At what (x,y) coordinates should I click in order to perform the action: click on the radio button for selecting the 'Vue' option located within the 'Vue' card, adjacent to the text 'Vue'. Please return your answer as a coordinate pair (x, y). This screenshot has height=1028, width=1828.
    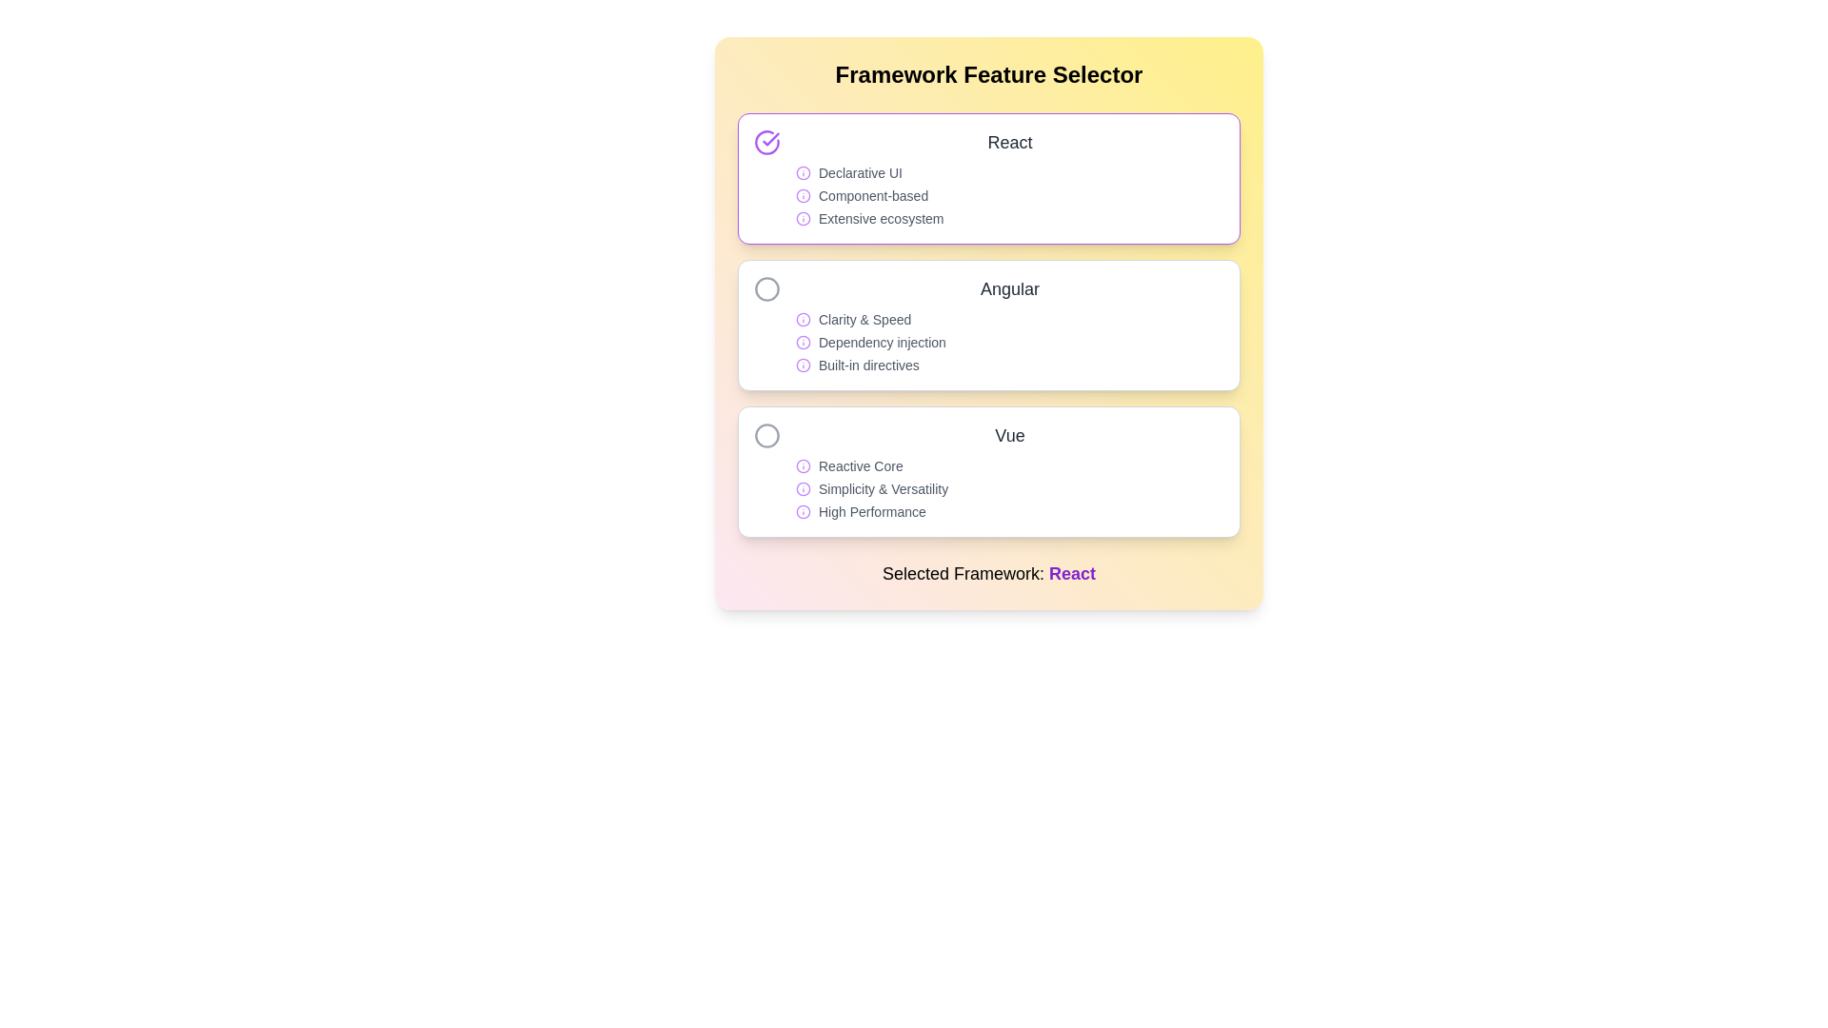
    Looking at the image, I should click on (767, 436).